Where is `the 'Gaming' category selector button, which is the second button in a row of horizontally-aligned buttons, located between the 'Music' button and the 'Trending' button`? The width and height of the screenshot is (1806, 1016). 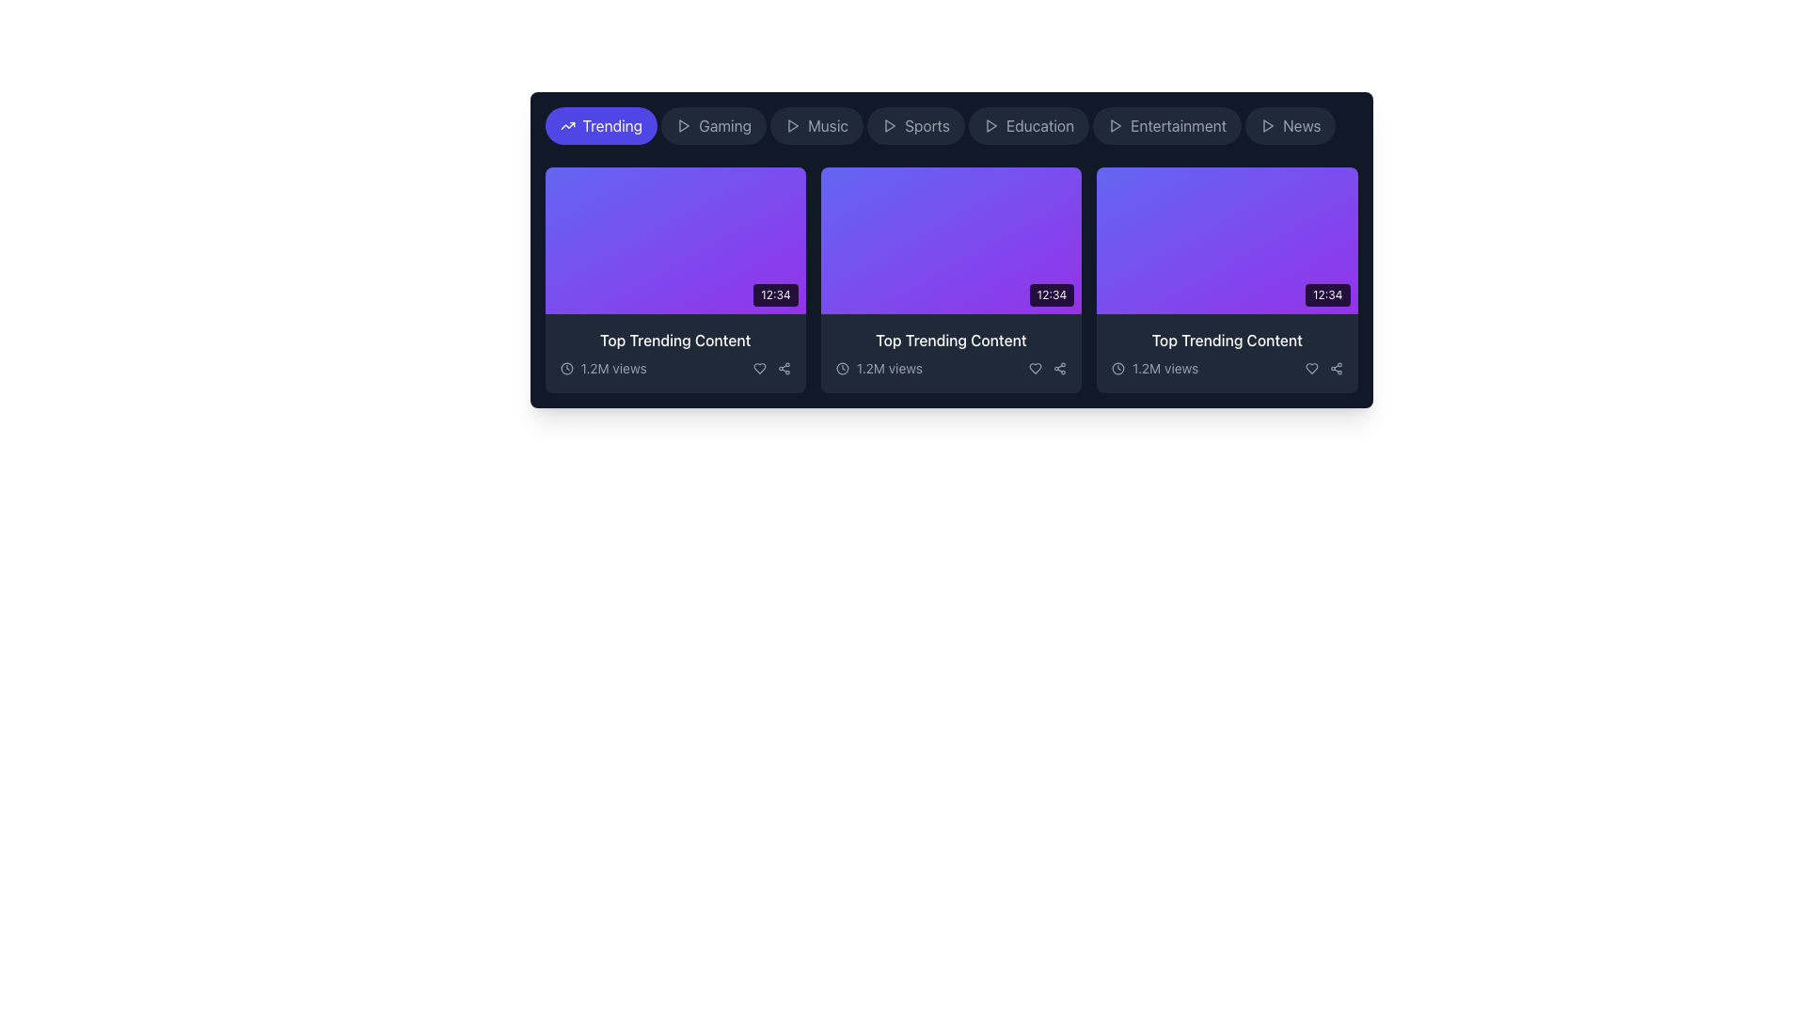 the 'Gaming' category selector button, which is the second button in a row of horizontally-aligned buttons, located between the 'Music' button and the 'Trending' button is located at coordinates (713, 126).